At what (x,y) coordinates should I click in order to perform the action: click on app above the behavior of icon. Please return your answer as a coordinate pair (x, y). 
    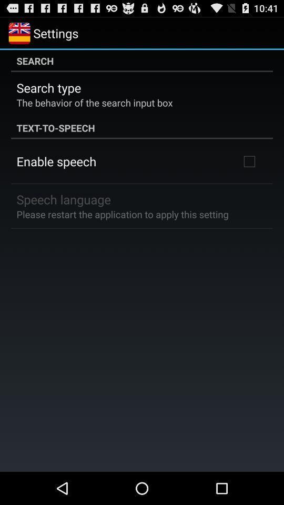
    Looking at the image, I should click on (48, 87).